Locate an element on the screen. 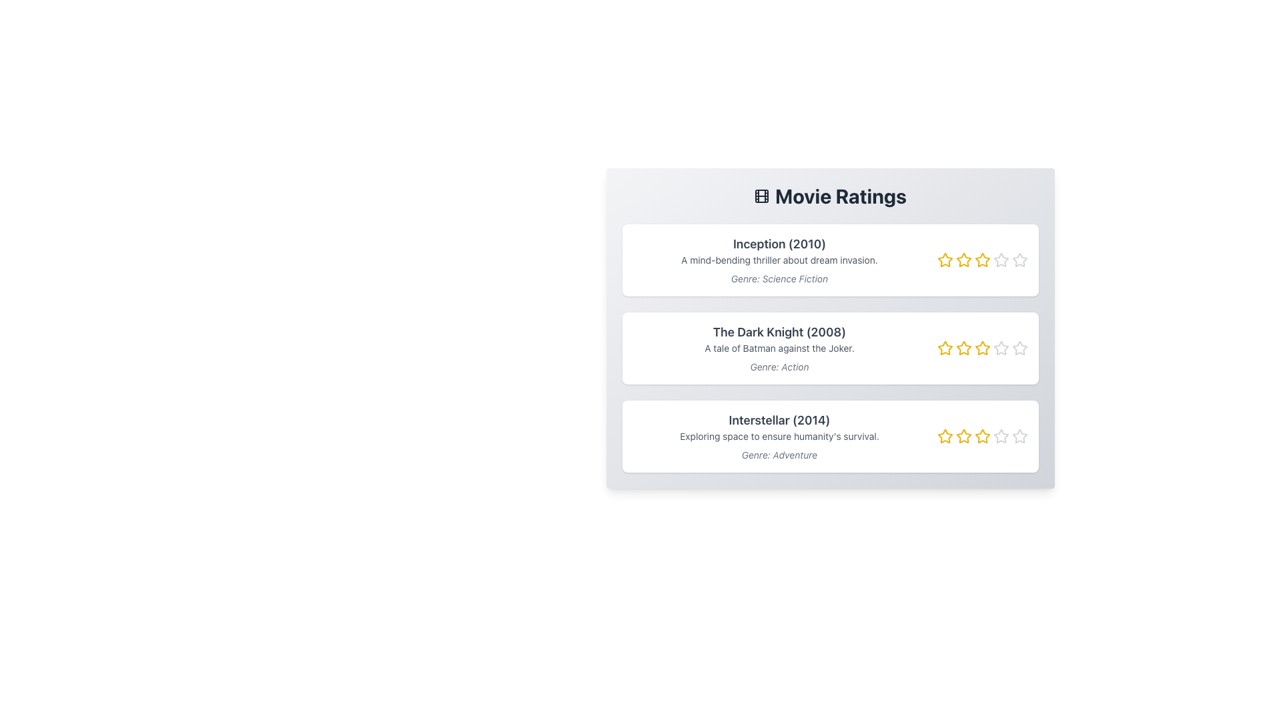 The width and height of the screenshot is (1281, 721). the second yellow star icon in the rating section for the movie 'Interstellar (2014)', which is located below the movie's title and description is located at coordinates (944, 436).